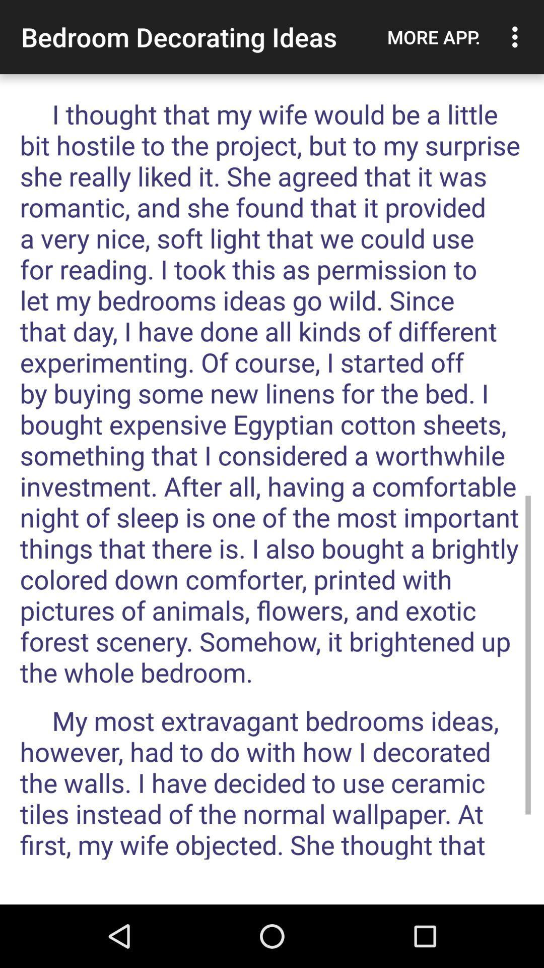 The height and width of the screenshot is (968, 544). What do you see at coordinates (433, 37) in the screenshot?
I see `the item above the i thought that icon` at bounding box center [433, 37].